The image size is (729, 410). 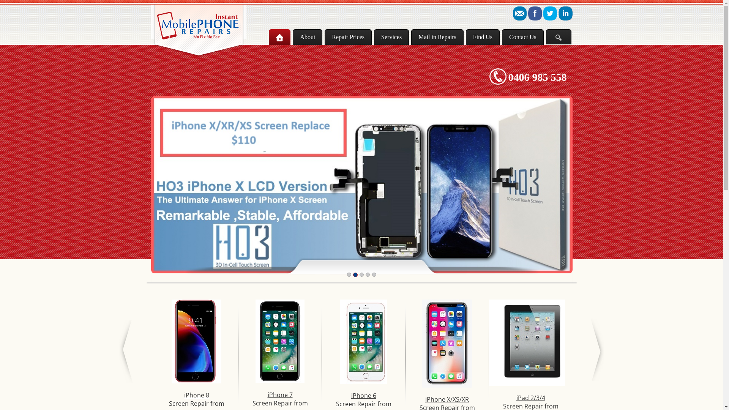 What do you see at coordinates (347, 37) in the screenshot?
I see `'Repair Prices'` at bounding box center [347, 37].